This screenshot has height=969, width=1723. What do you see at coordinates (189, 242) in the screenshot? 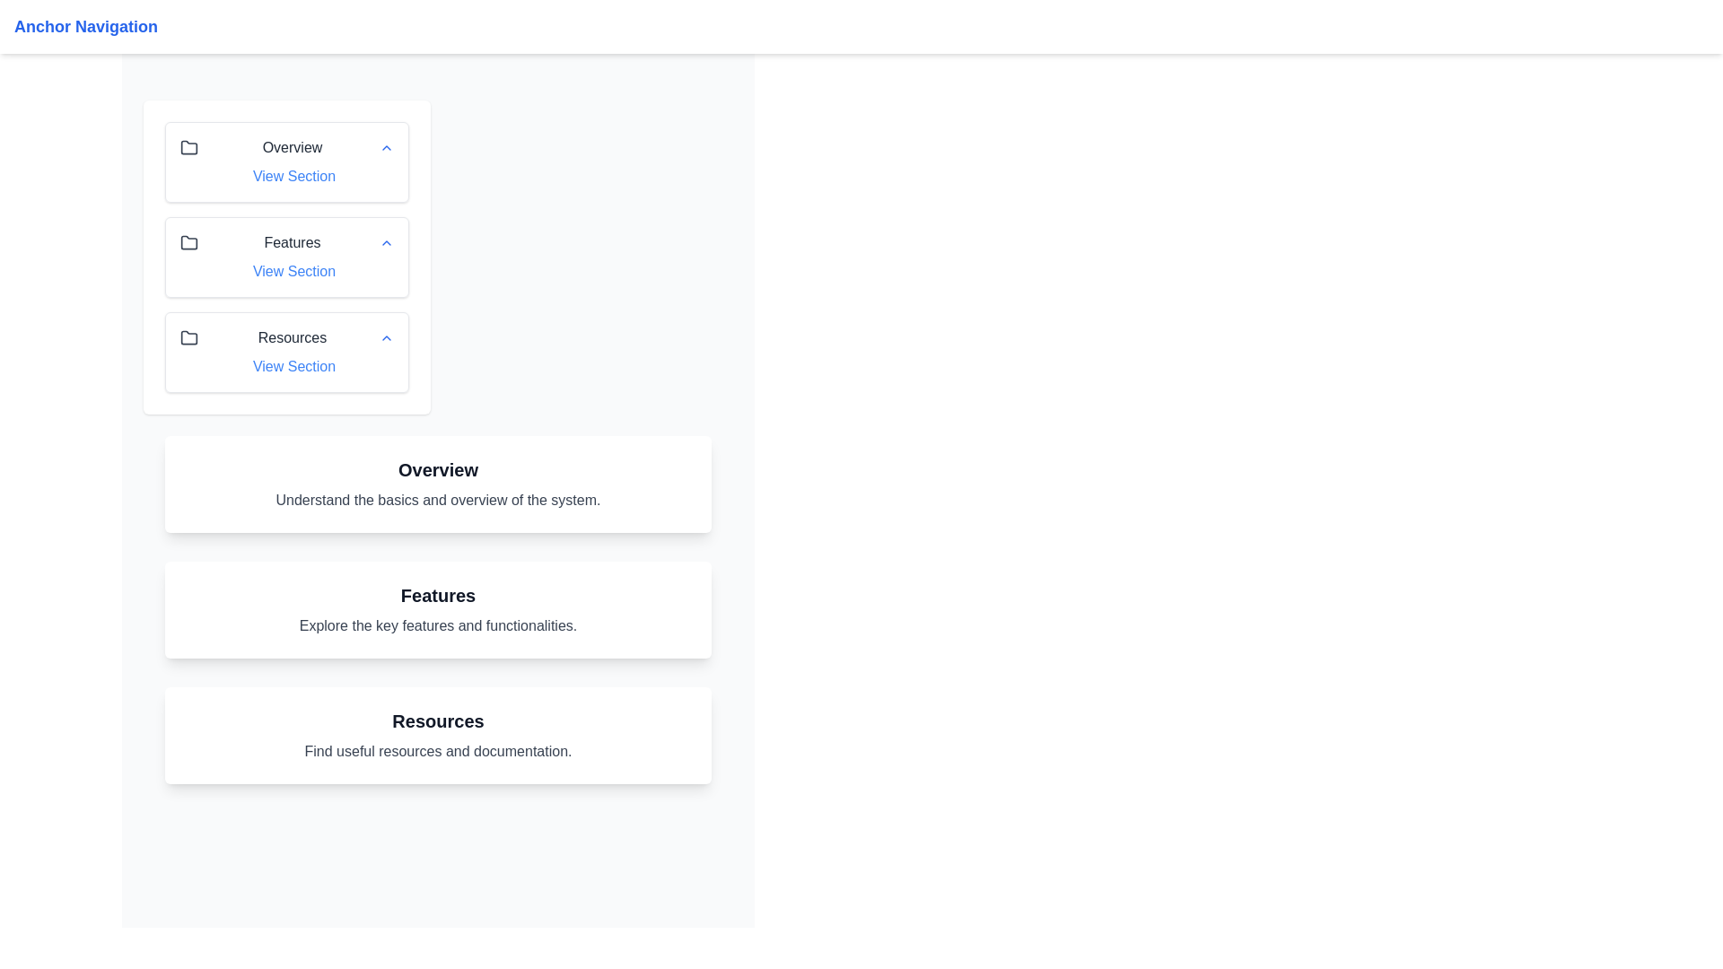
I see `the folder icon in the 'Features' section, which is a gray minimalist vector graphic located between 'Overview' and 'Resources' in the left panel` at bounding box center [189, 242].